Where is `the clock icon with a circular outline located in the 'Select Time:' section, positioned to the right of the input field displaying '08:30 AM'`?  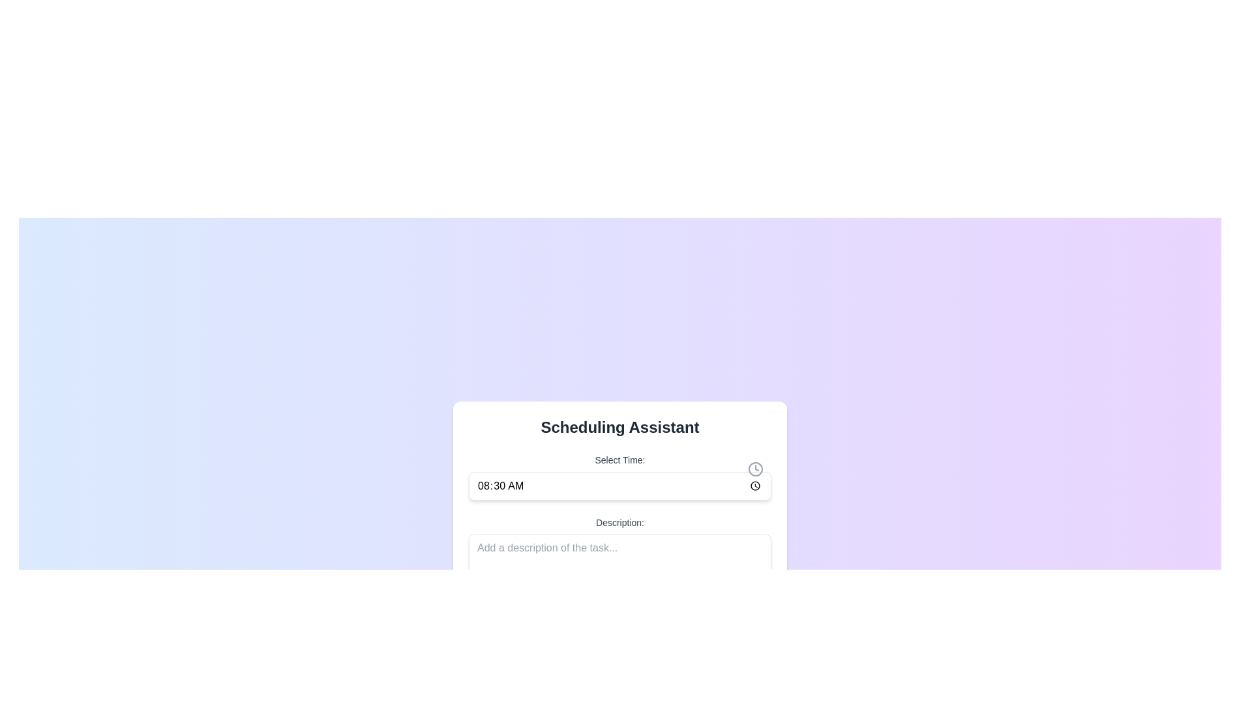 the clock icon with a circular outline located in the 'Select Time:' section, positioned to the right of the input field displaying '08:30 AM' is located at coordinates (755, 468).